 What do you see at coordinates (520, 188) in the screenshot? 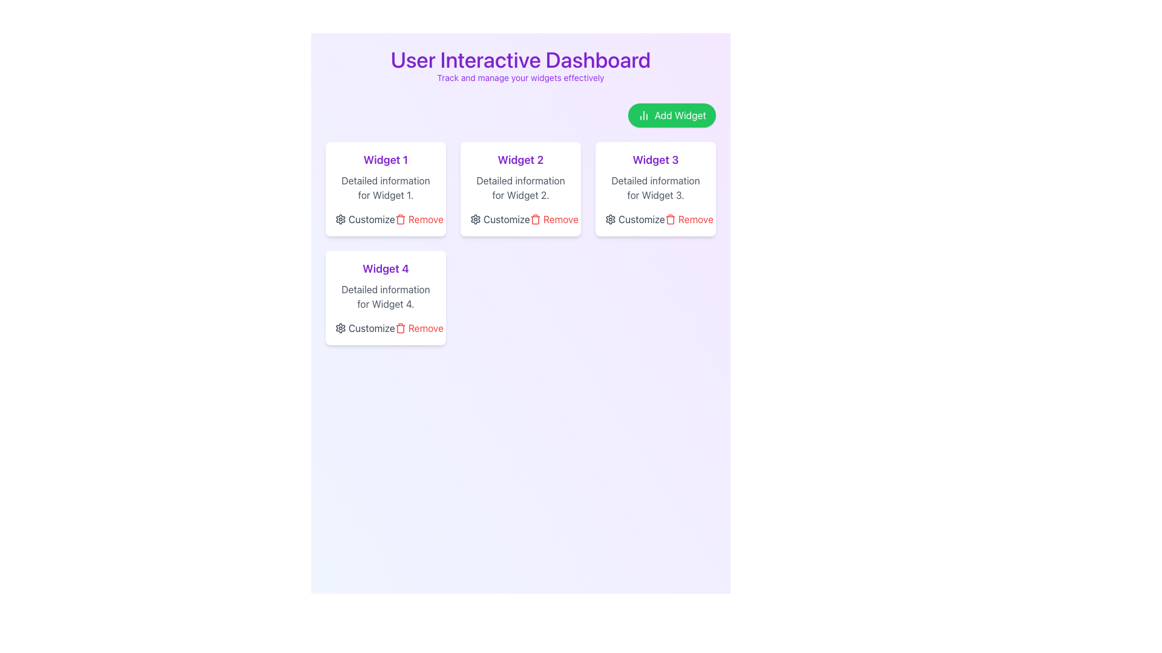
I see `the static text block displaying 'Detailed information for Widget 2' located beneath the heading 'Widget 2' within its card component` at bounding box center [520, 188].